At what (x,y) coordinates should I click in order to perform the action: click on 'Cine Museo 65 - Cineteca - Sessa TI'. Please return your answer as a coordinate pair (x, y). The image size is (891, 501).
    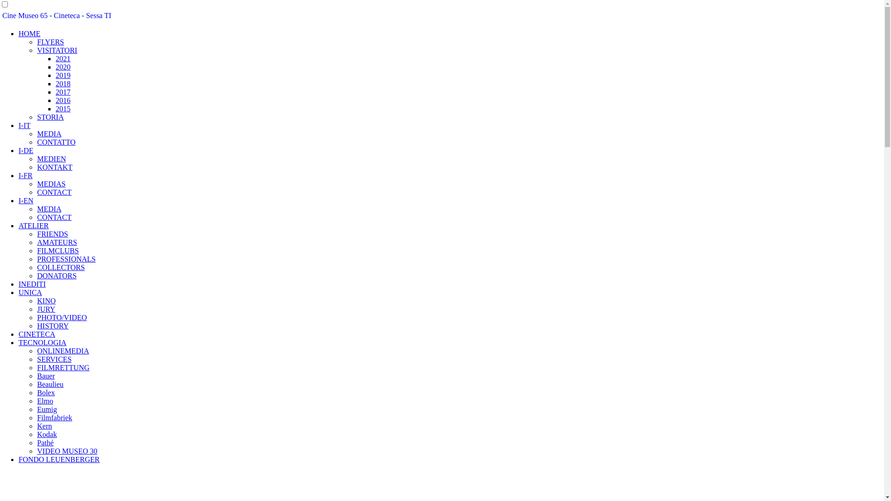
    Looking at the image, I should click on (56, 15).